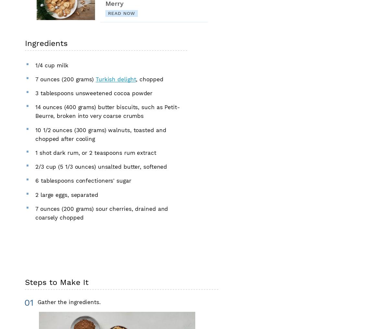 The image size is (373, 329). What do you see at coordinates (36, 180) in the screenshot?
I see `'6'` at bounding box center [36, 180].